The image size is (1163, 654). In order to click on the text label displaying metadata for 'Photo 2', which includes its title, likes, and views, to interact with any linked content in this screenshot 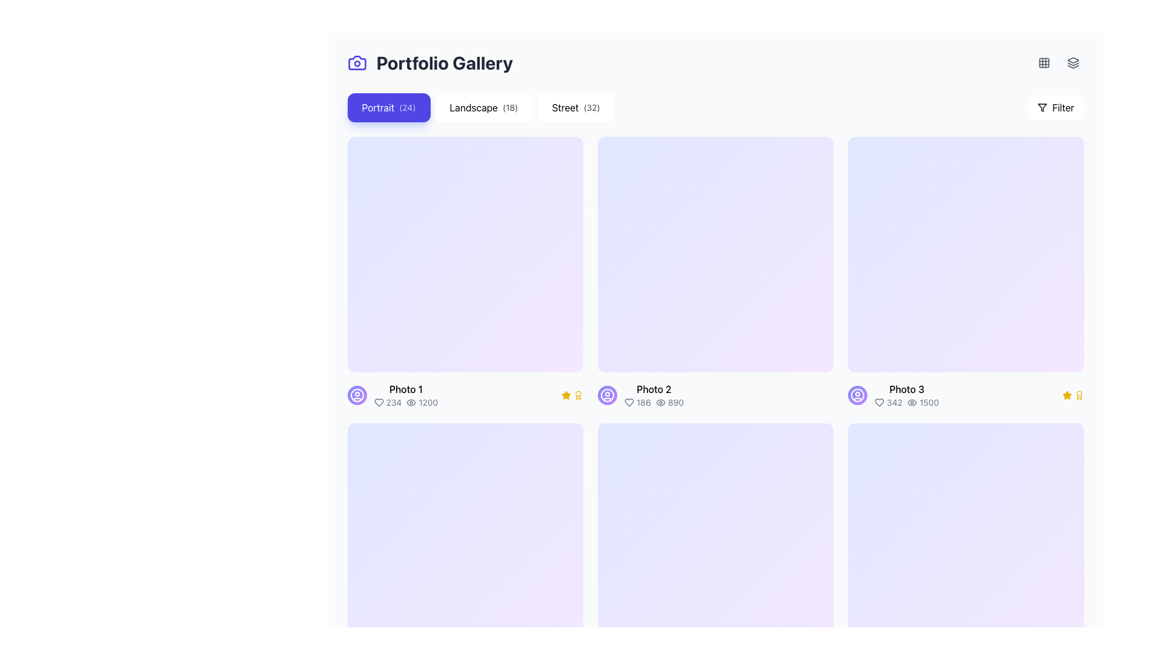, I will do `click(653, 395)`.